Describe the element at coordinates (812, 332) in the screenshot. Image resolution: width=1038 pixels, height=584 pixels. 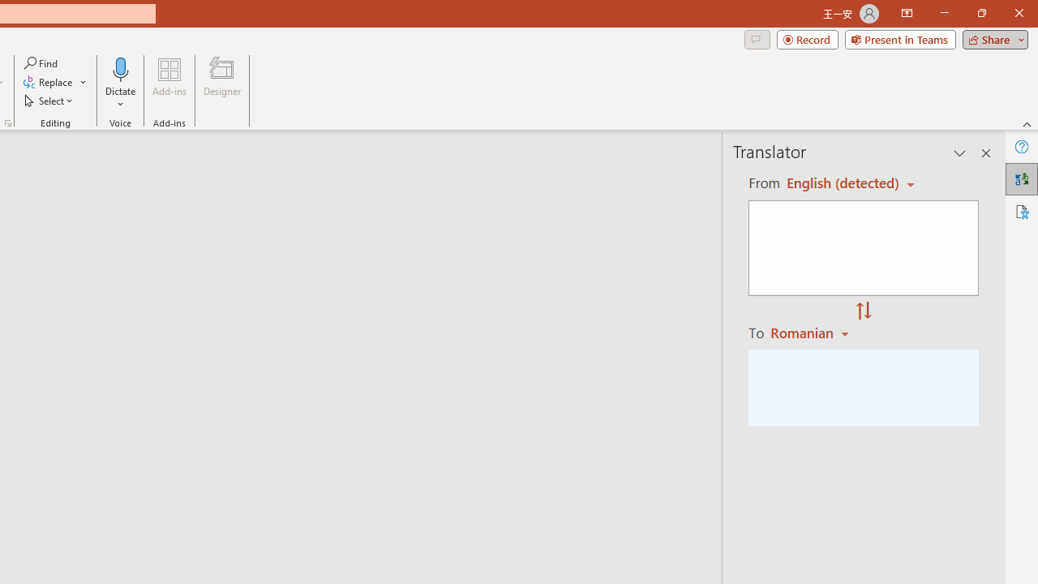
I see `'Romanian'` at that location.